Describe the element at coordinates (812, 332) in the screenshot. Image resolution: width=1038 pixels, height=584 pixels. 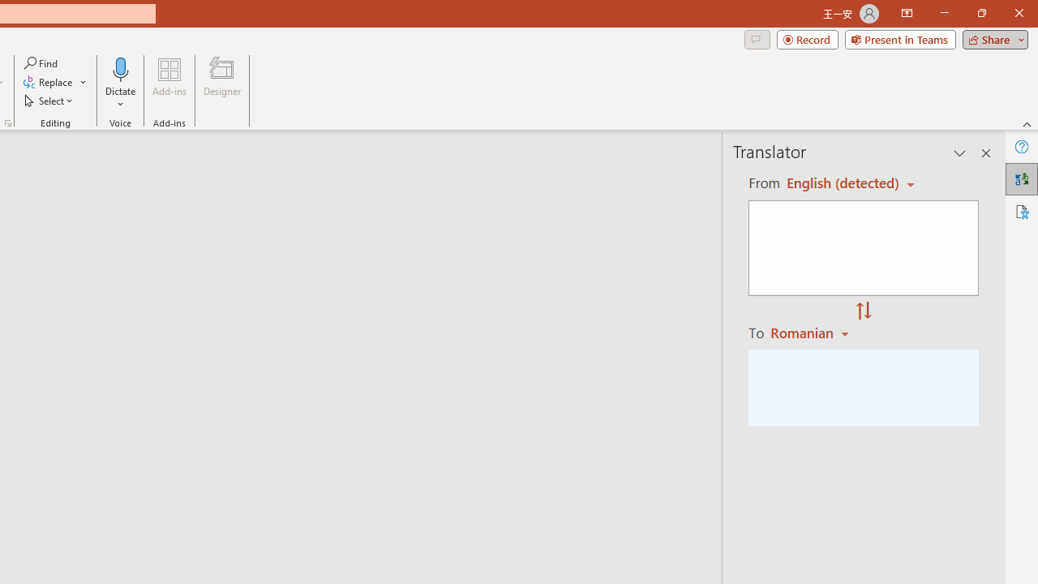
I see `'Romanian'` at that location.